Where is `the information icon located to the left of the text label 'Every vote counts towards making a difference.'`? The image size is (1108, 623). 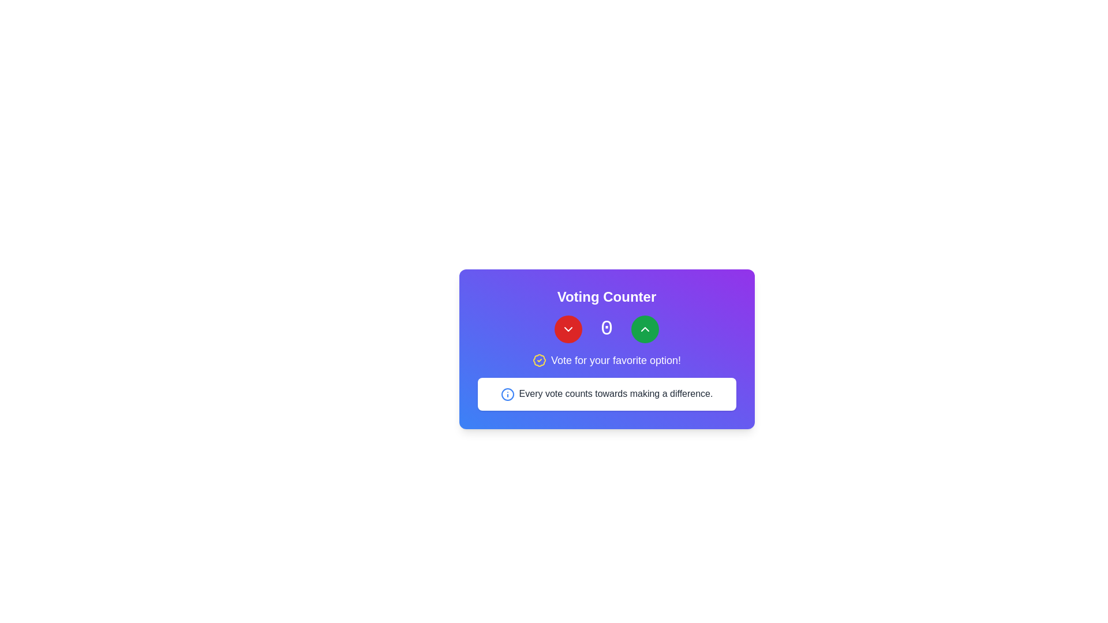
the information icon located to the left of the text label 'Every vote counts towards making a difference.' is located at coordinates (507, 393).